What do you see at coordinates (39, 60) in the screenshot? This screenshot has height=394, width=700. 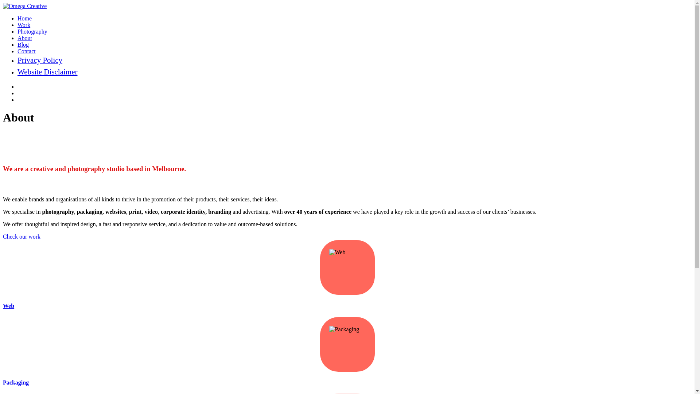 I see `'Privacy Policy'` at bounding box center [39, 60].